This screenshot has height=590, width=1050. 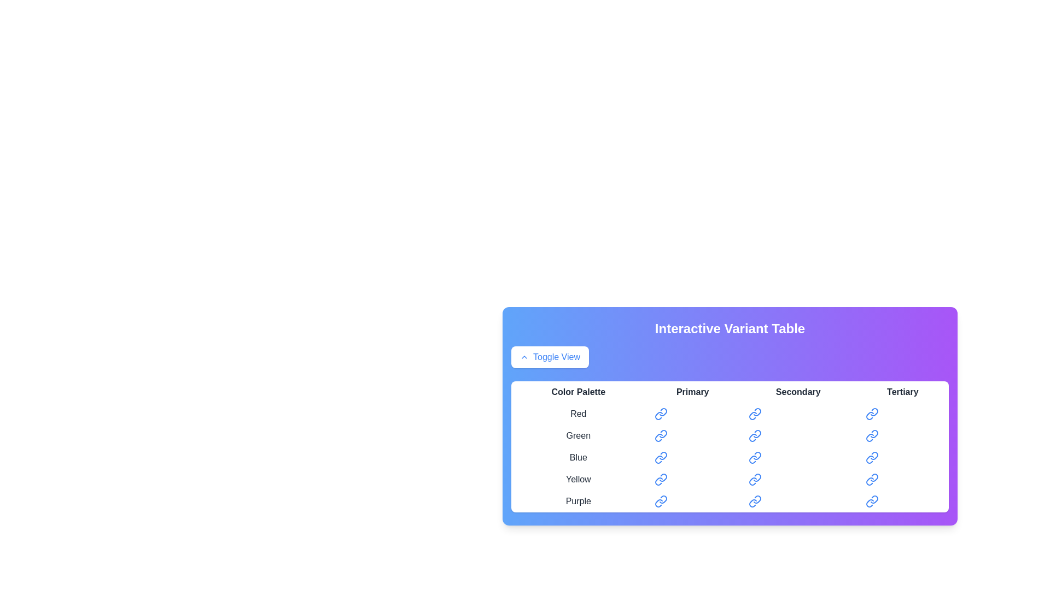 What do you see at coordinates (730, 416) in the screenshot?
I see `the interactive elements within the data table of the composite UI component that contains a title, a button, and a table for displaying data` at bounding box center [730, 416].